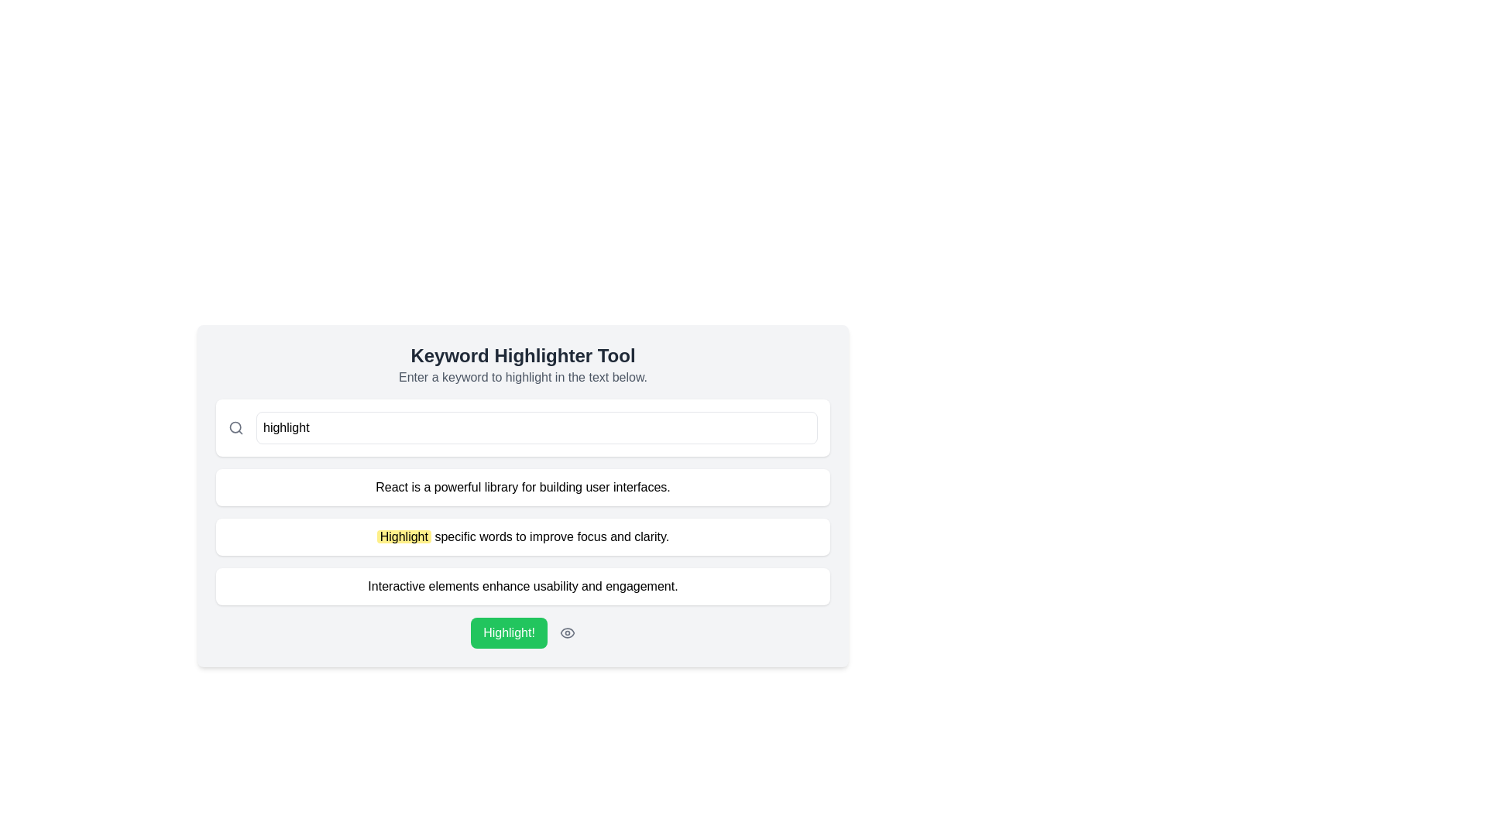  I want to click on the static text element displaying 'Enter a keyword, so click(523, 378).